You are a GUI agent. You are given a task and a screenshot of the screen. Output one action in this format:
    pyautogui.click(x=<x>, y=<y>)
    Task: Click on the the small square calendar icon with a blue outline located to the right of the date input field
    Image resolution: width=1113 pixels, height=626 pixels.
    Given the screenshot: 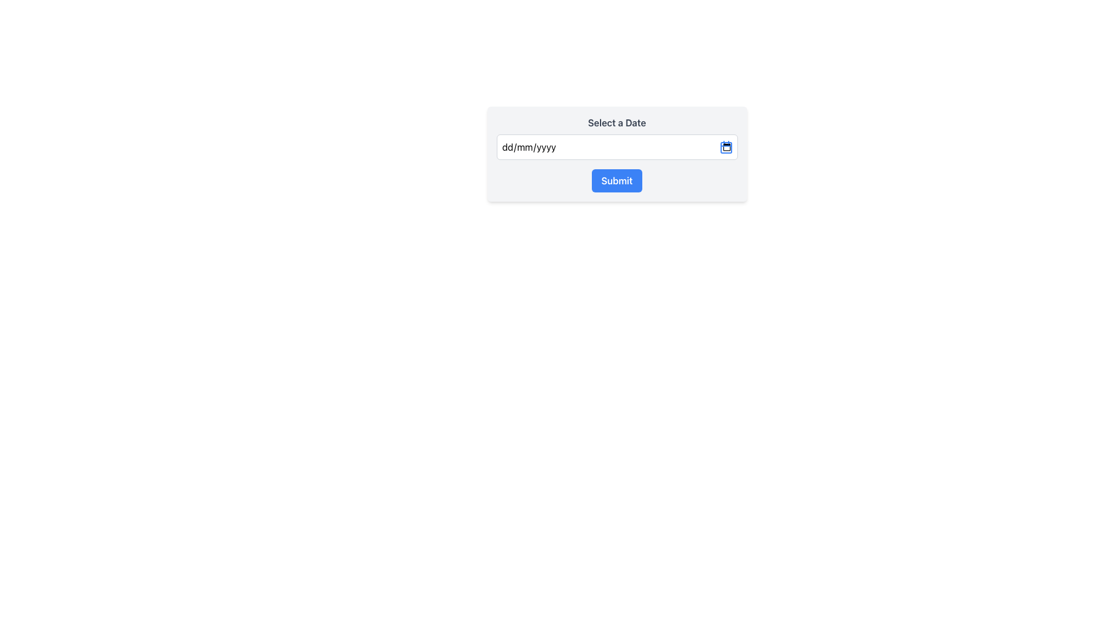 What is the action you would take?
    pyautogui.click(x=725, y=147)
    